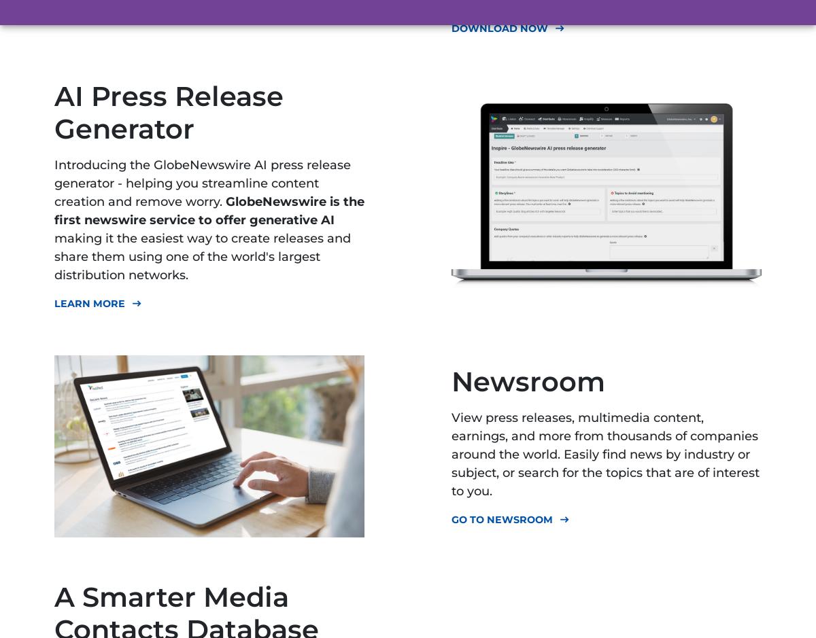 The height and width of the screenshot is (638, 816). I want to click on 'AI Press Release Generator', so click(168, 111).